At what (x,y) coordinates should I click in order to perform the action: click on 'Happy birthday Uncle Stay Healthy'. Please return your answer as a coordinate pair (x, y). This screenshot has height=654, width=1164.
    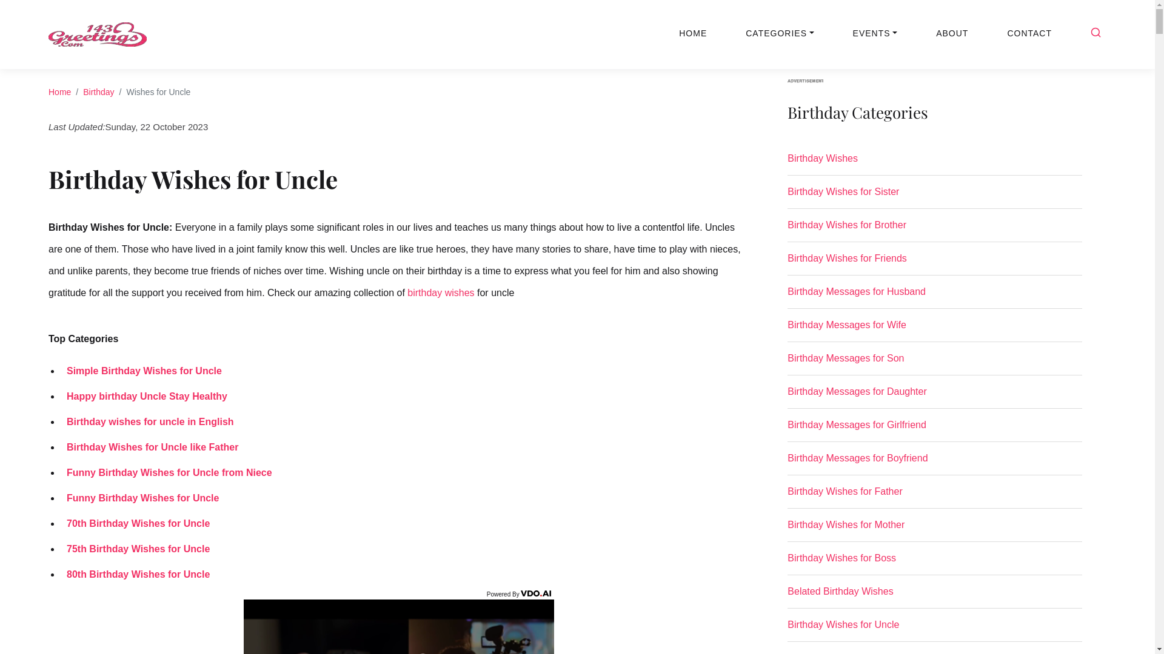
    Looking at the image, I should click on (60, 396).